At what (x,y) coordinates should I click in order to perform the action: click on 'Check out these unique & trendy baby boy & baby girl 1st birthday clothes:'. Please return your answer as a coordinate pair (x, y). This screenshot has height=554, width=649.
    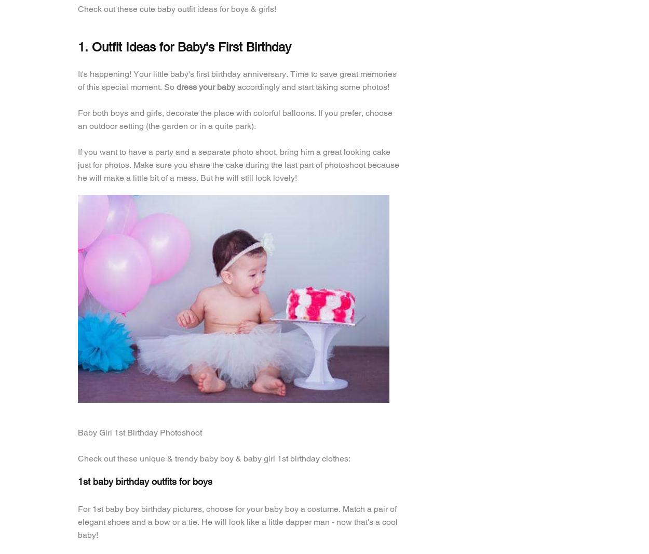
    Looking at the image, I should click on (78, 458).